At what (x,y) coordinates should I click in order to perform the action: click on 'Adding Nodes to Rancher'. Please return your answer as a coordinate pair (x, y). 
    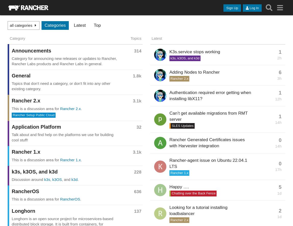
    Looking at the image, I should click on (194, 71).